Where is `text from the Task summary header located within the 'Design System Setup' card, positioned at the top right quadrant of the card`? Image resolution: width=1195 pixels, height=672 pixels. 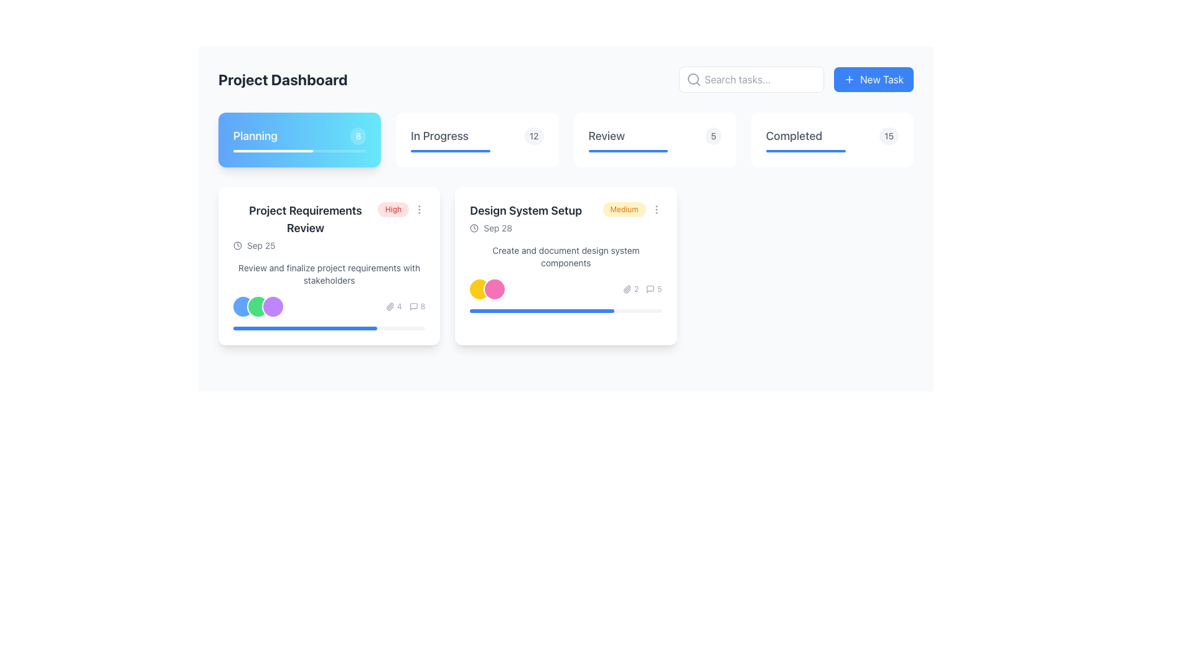 text from the Task summary header located within the 'Design System Setup' card, positioned at the top right quadrant of the card is located at coordinates (565, 218).